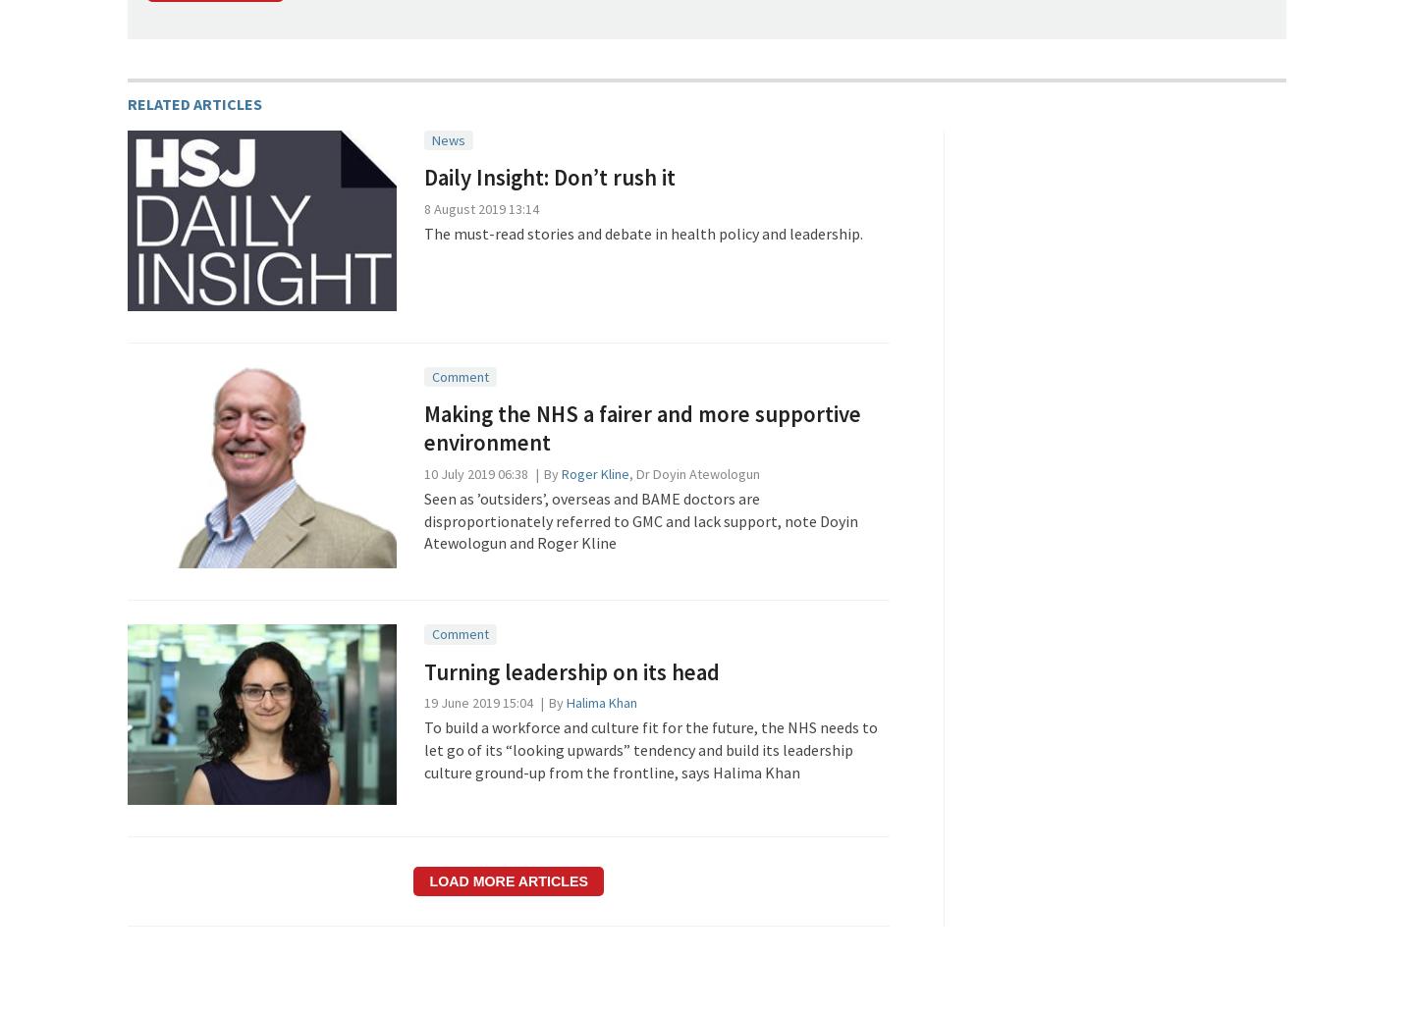  What do you see at coordinates (639, 520) in the screenshot?
I see `'Seen as ’outsiders’, overseas and BAME doctors are disproportionately referred to GMC and lack support, note Doyin Atewologun and Roger Kline'` at bounding box center [639, 520].